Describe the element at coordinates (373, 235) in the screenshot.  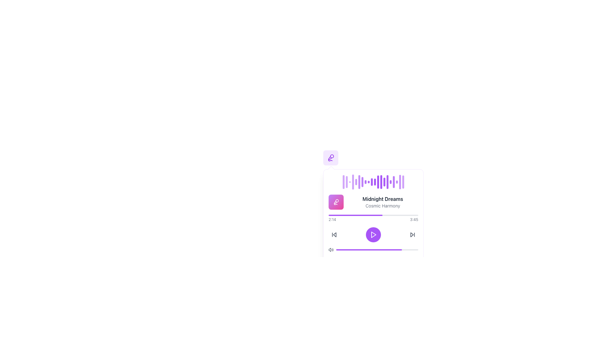
I see `the triangular play icon located within a circular button near the center of the audio player interface` at that location.